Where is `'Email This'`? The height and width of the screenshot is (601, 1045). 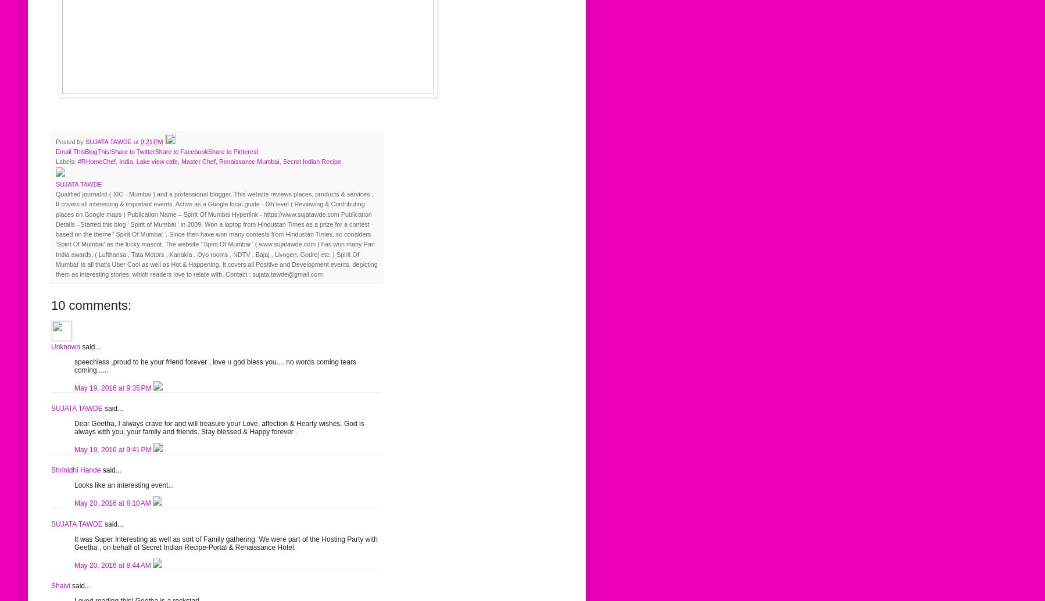 'Email This' is located at coordinates (70, 151).